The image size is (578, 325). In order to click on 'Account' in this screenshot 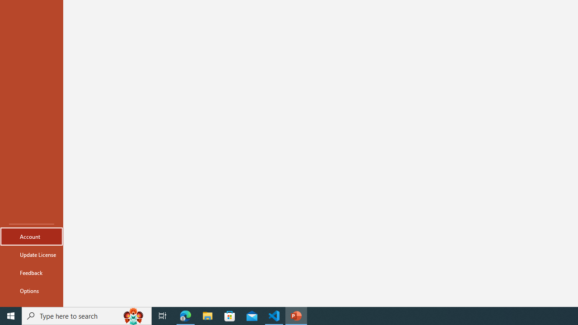, I will do `click(31, 236)`.